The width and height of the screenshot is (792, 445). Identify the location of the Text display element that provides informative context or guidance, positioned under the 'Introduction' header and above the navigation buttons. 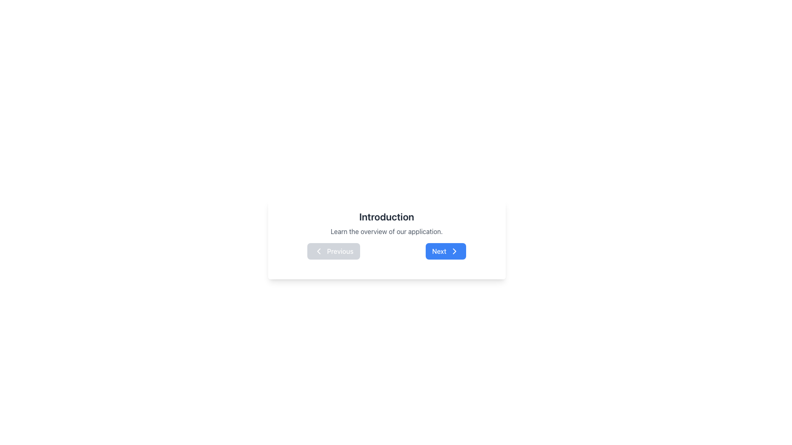
(386, 232).